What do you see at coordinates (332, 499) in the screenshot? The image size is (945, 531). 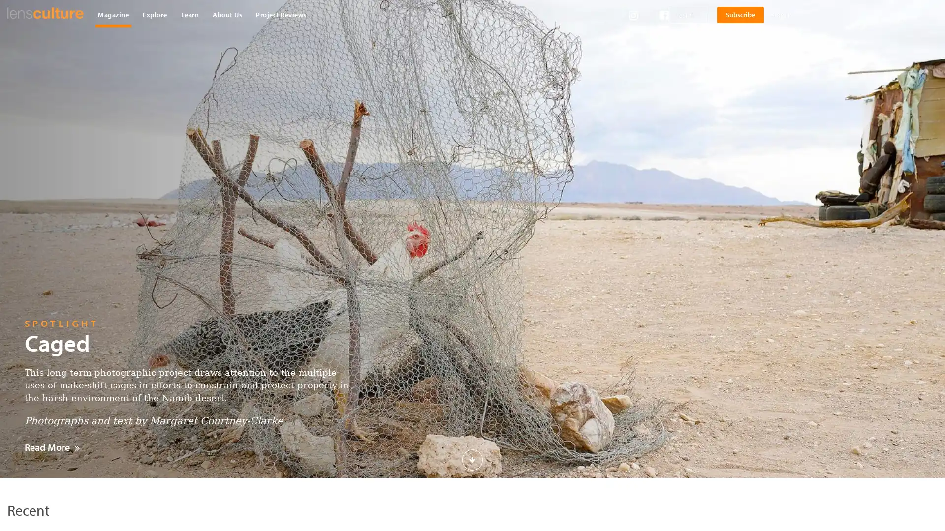 I see `Download Now` at bounding box center [332, 499].